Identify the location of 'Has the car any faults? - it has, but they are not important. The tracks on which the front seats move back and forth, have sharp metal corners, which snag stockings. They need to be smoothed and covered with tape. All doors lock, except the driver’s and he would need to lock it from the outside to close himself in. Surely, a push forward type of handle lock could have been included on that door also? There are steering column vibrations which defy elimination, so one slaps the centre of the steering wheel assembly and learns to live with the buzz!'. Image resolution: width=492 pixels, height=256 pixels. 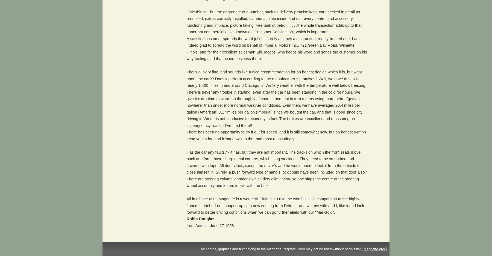
(276, 169).